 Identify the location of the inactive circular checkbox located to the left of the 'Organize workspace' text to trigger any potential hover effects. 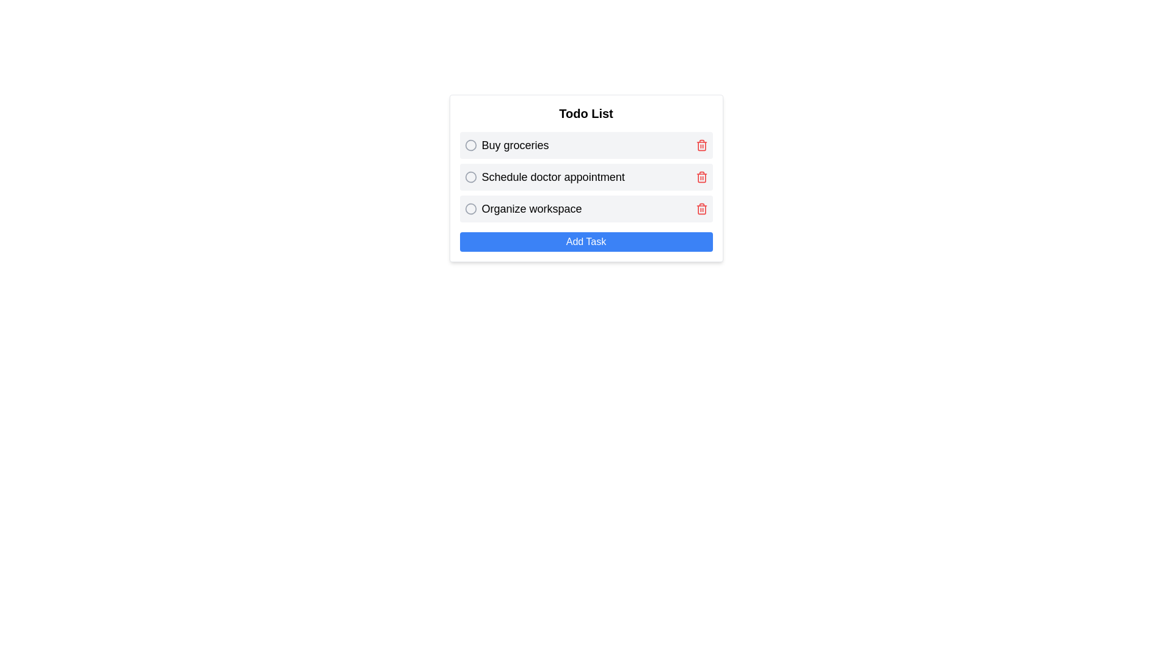
(470, 208).